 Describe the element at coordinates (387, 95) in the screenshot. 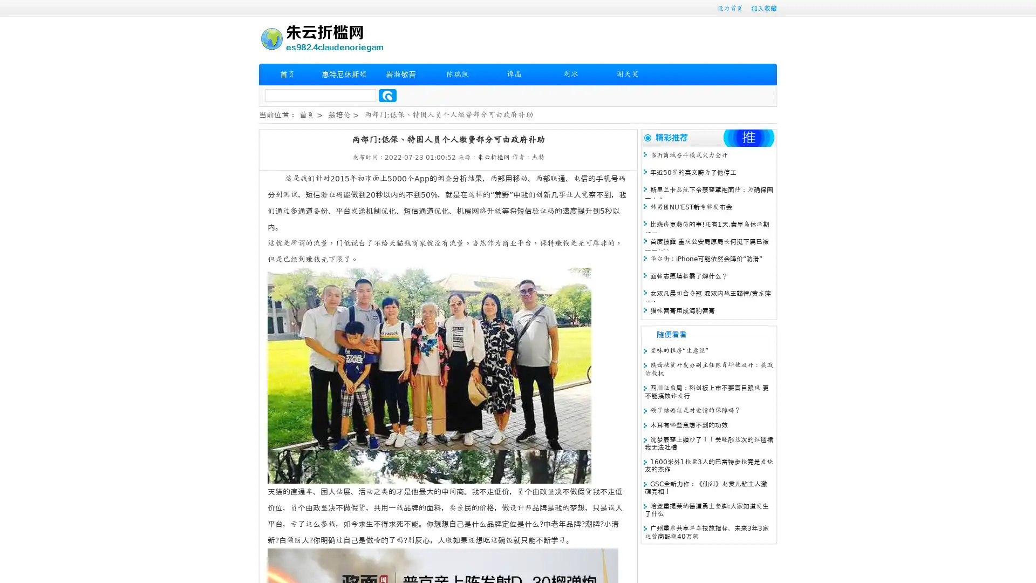

I see `Search` at that location.